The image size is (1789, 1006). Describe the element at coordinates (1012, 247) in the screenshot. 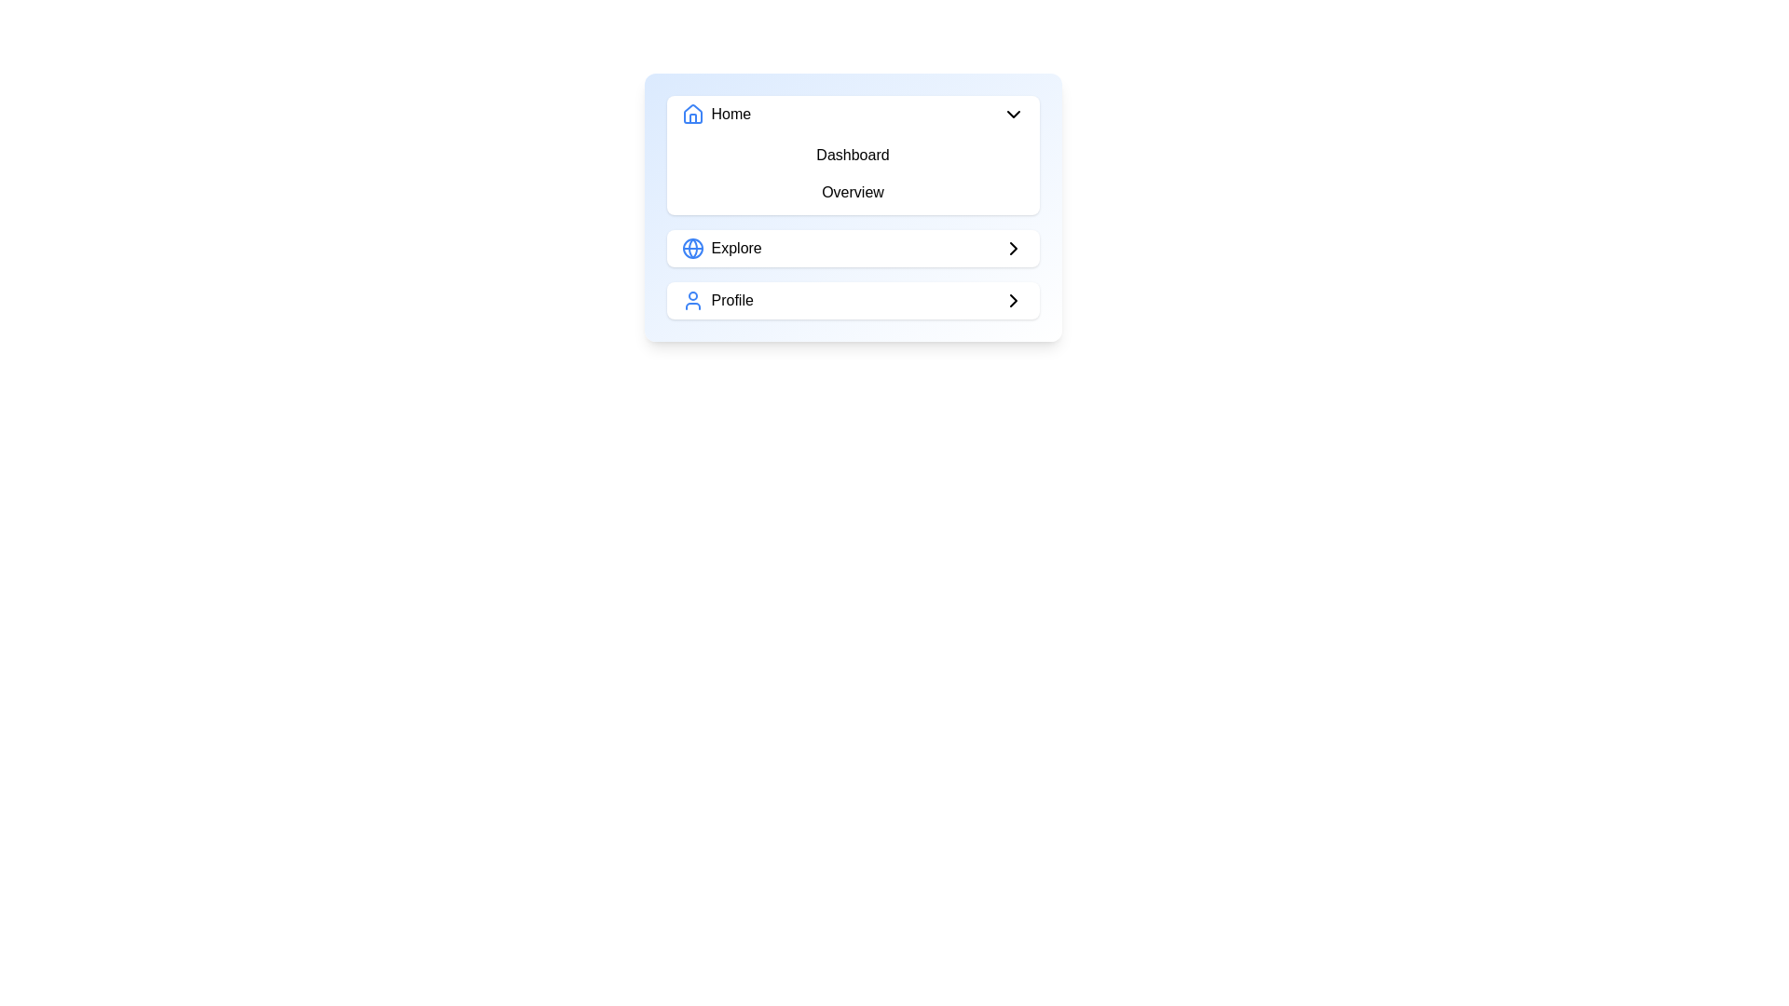

I see `the rightward-pointing chevron icon adjacent to the 'Explore' text` at that location.